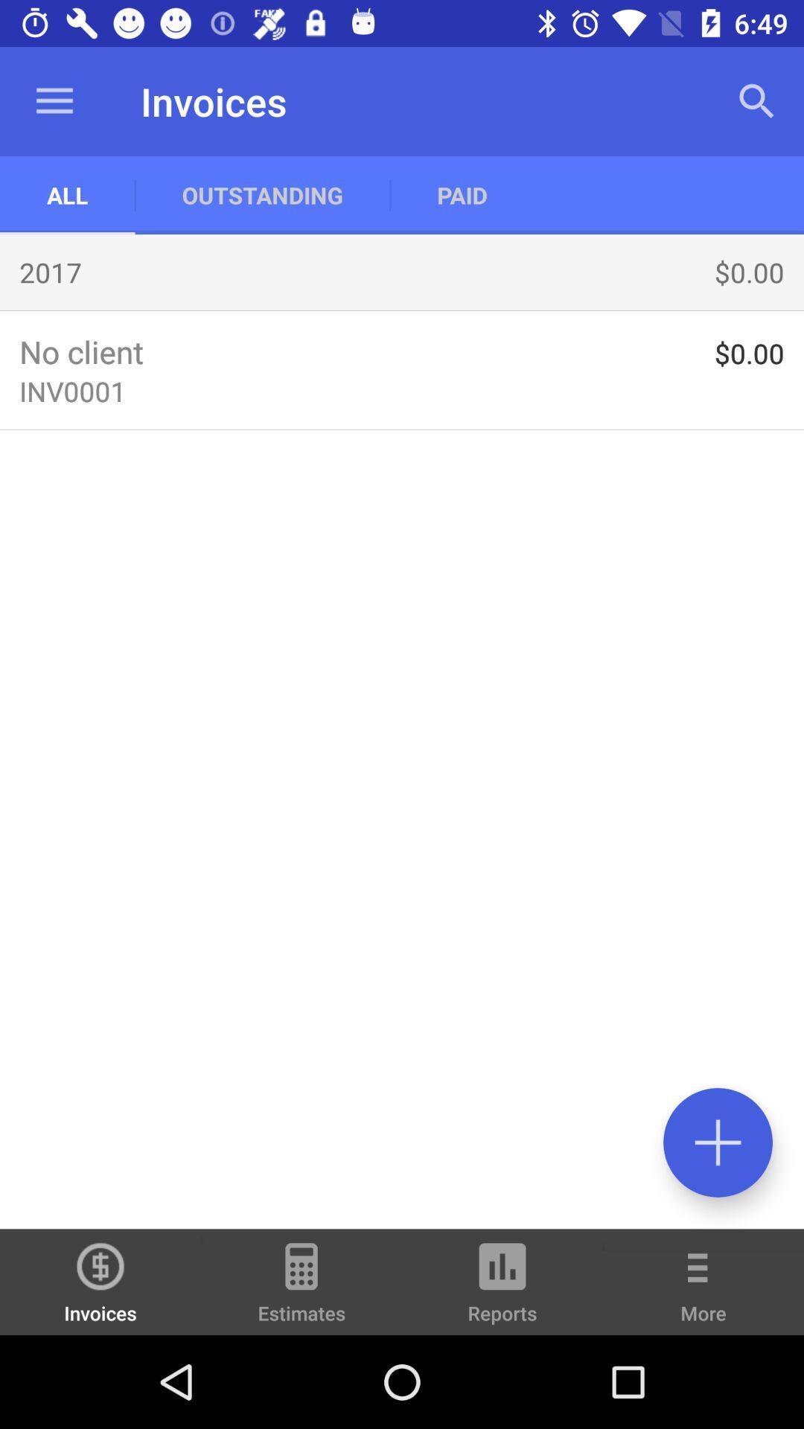 Image resolution: width=804 pixels, height=1429 pixels. I want to click on more, so click(703, 1292).